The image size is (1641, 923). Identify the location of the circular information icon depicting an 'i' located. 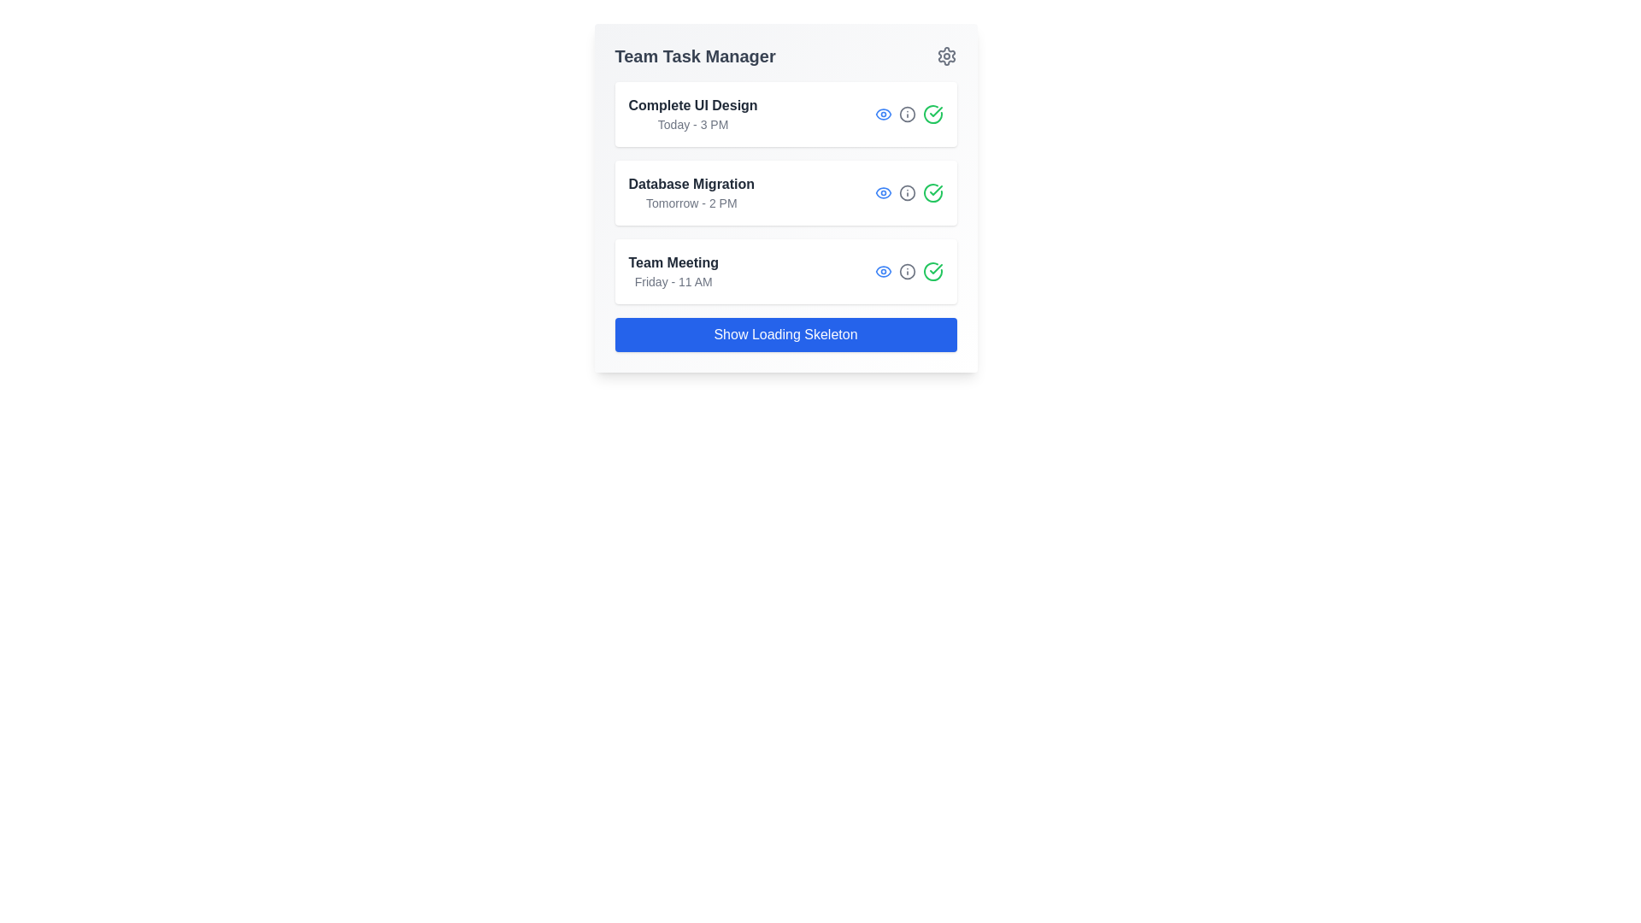
(906, 115).